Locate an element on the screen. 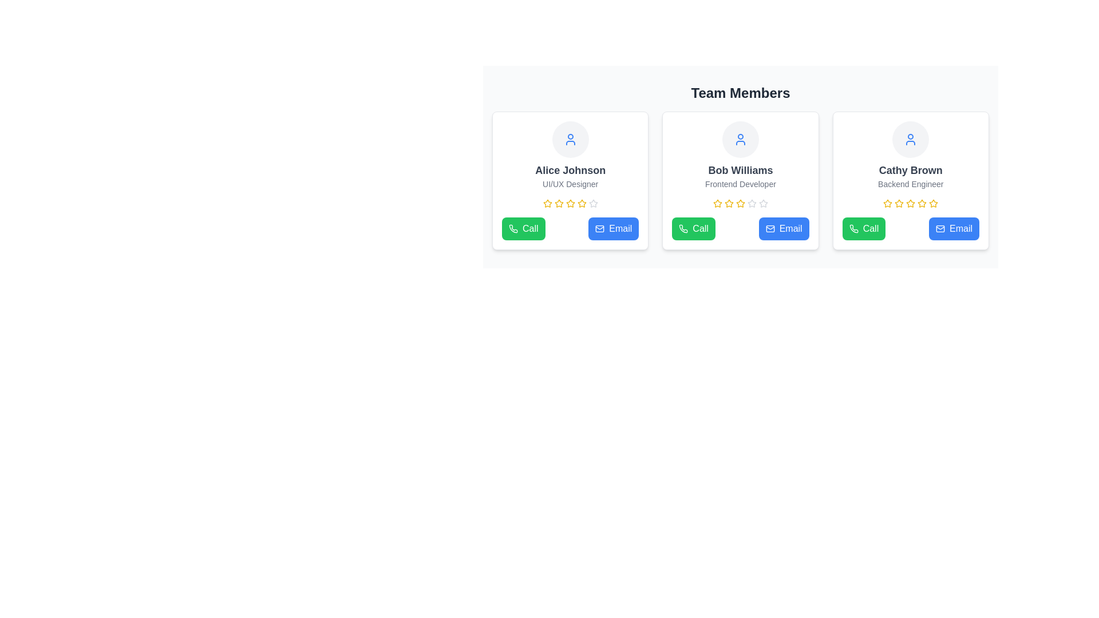 The width and height of the screenshot is (1099, 618). the 'Email' icon within the button associated with 'Bob Williams', the Frontend Developer is located at coordinates (770, 229).